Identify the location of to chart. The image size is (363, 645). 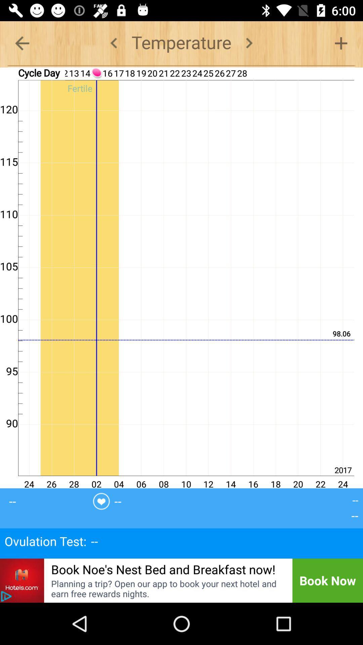
(341, 43).